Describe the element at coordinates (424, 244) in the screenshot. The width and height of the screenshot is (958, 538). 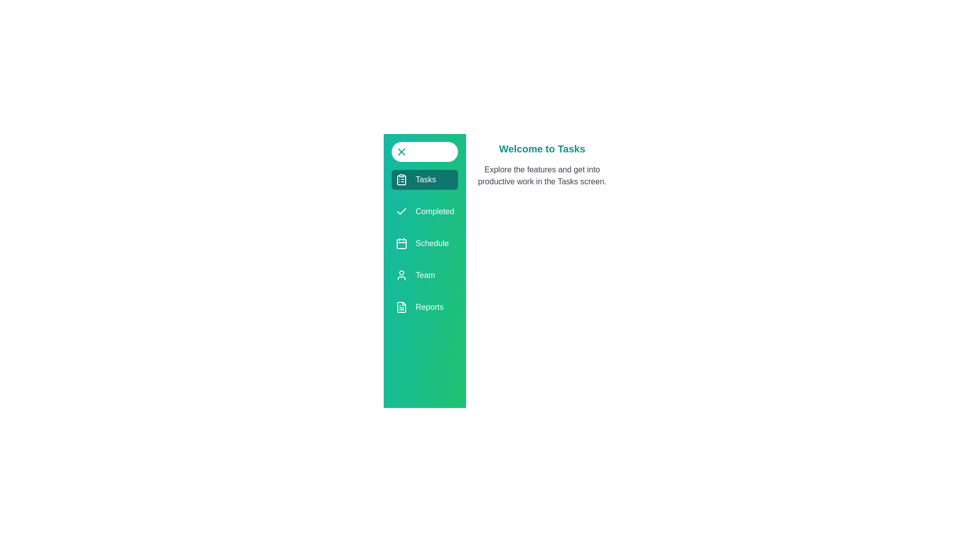
I see `the menu item Schedule from the available options` at that location.